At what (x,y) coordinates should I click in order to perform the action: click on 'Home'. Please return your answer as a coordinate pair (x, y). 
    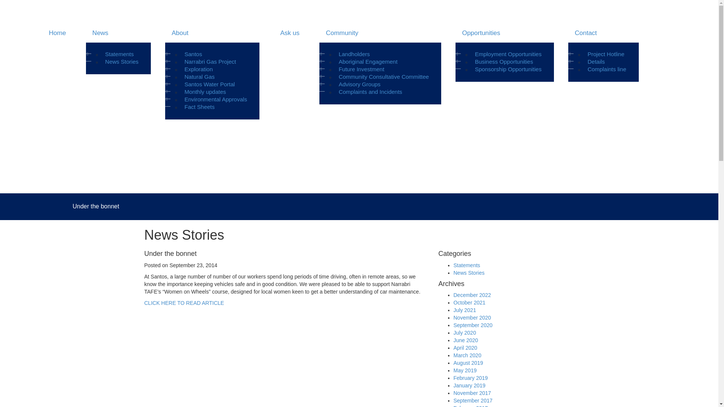
    Looking at the image, I should click on (56, 33).